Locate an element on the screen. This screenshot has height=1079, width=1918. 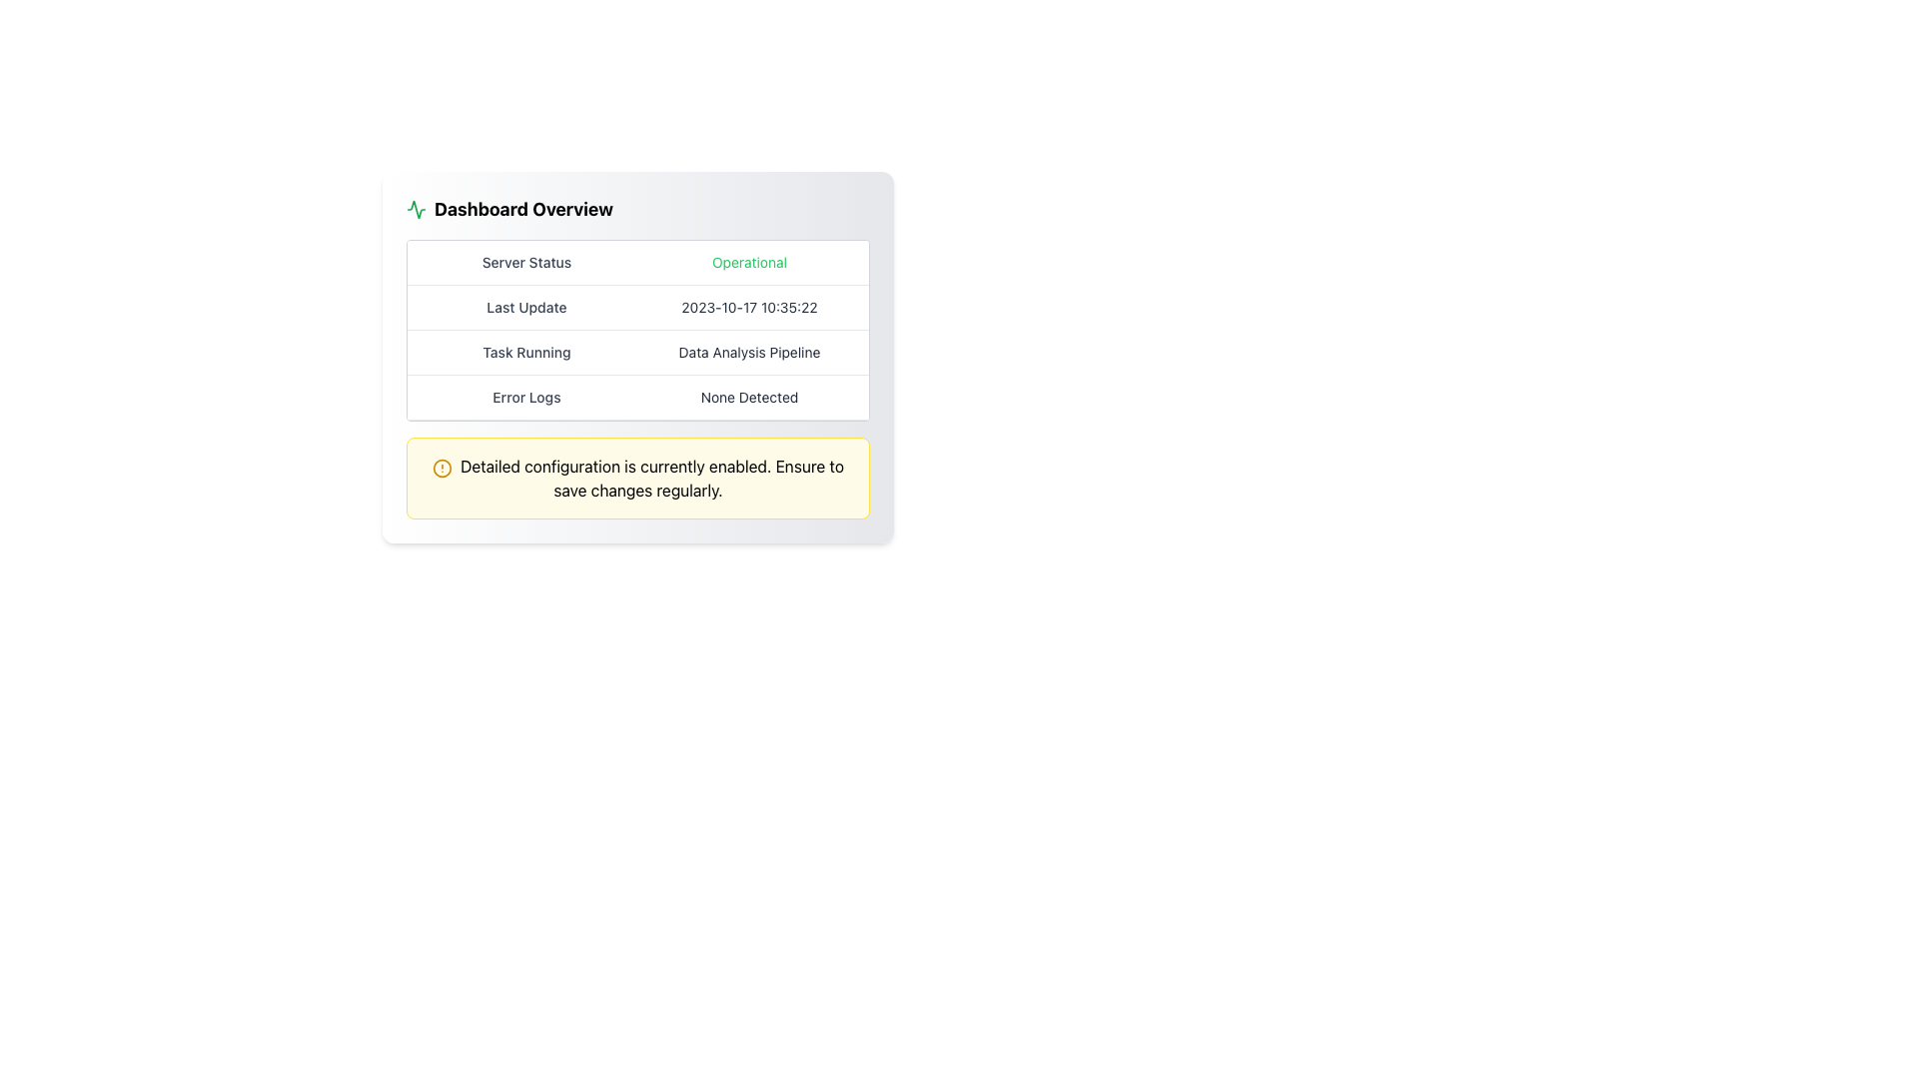
alert message from the Informational Message Banner located below the server status table in the 'Dashboard Overview' section is located at coordinates (636, 478).